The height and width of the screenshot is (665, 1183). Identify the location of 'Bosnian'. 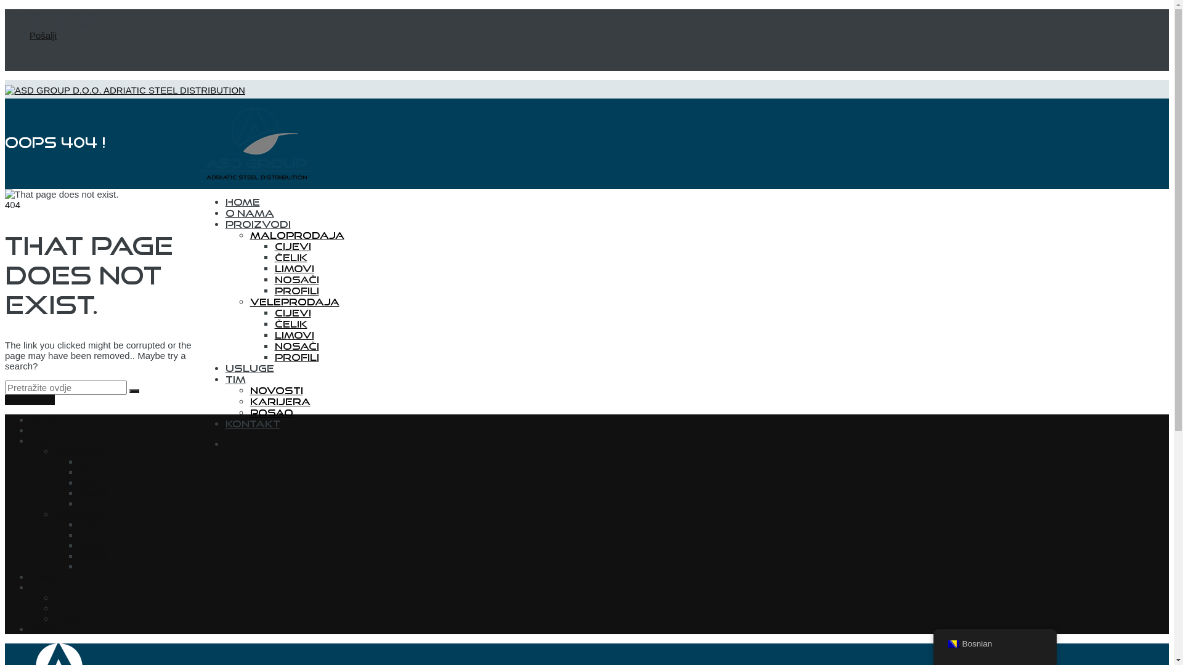
(994, 643).